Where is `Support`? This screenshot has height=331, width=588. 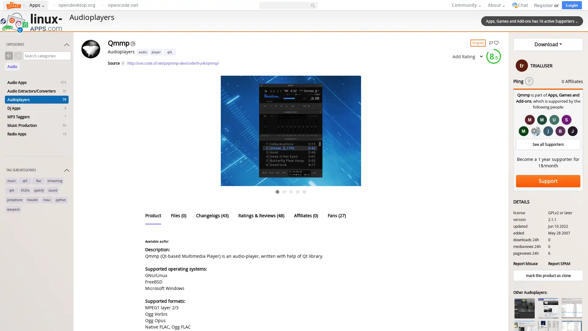
Support is located at coordinates (548, 181).